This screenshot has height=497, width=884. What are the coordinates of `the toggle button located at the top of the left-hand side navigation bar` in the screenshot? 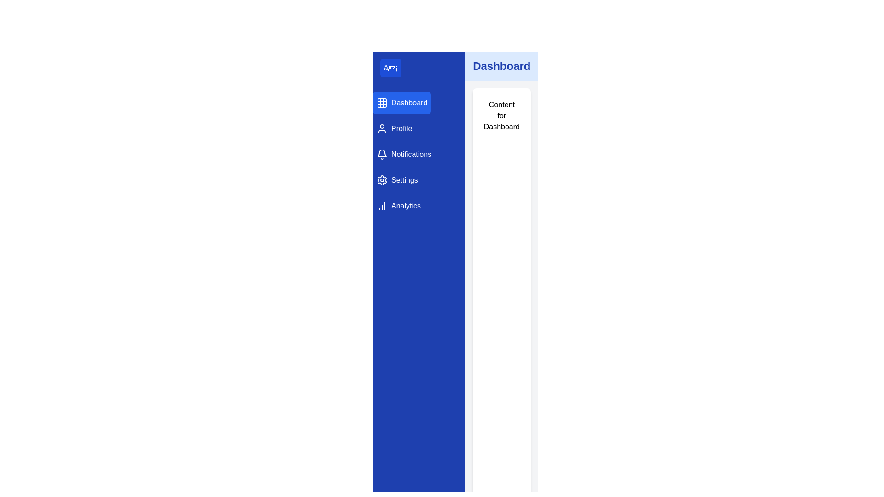 It's located at (419, 67).